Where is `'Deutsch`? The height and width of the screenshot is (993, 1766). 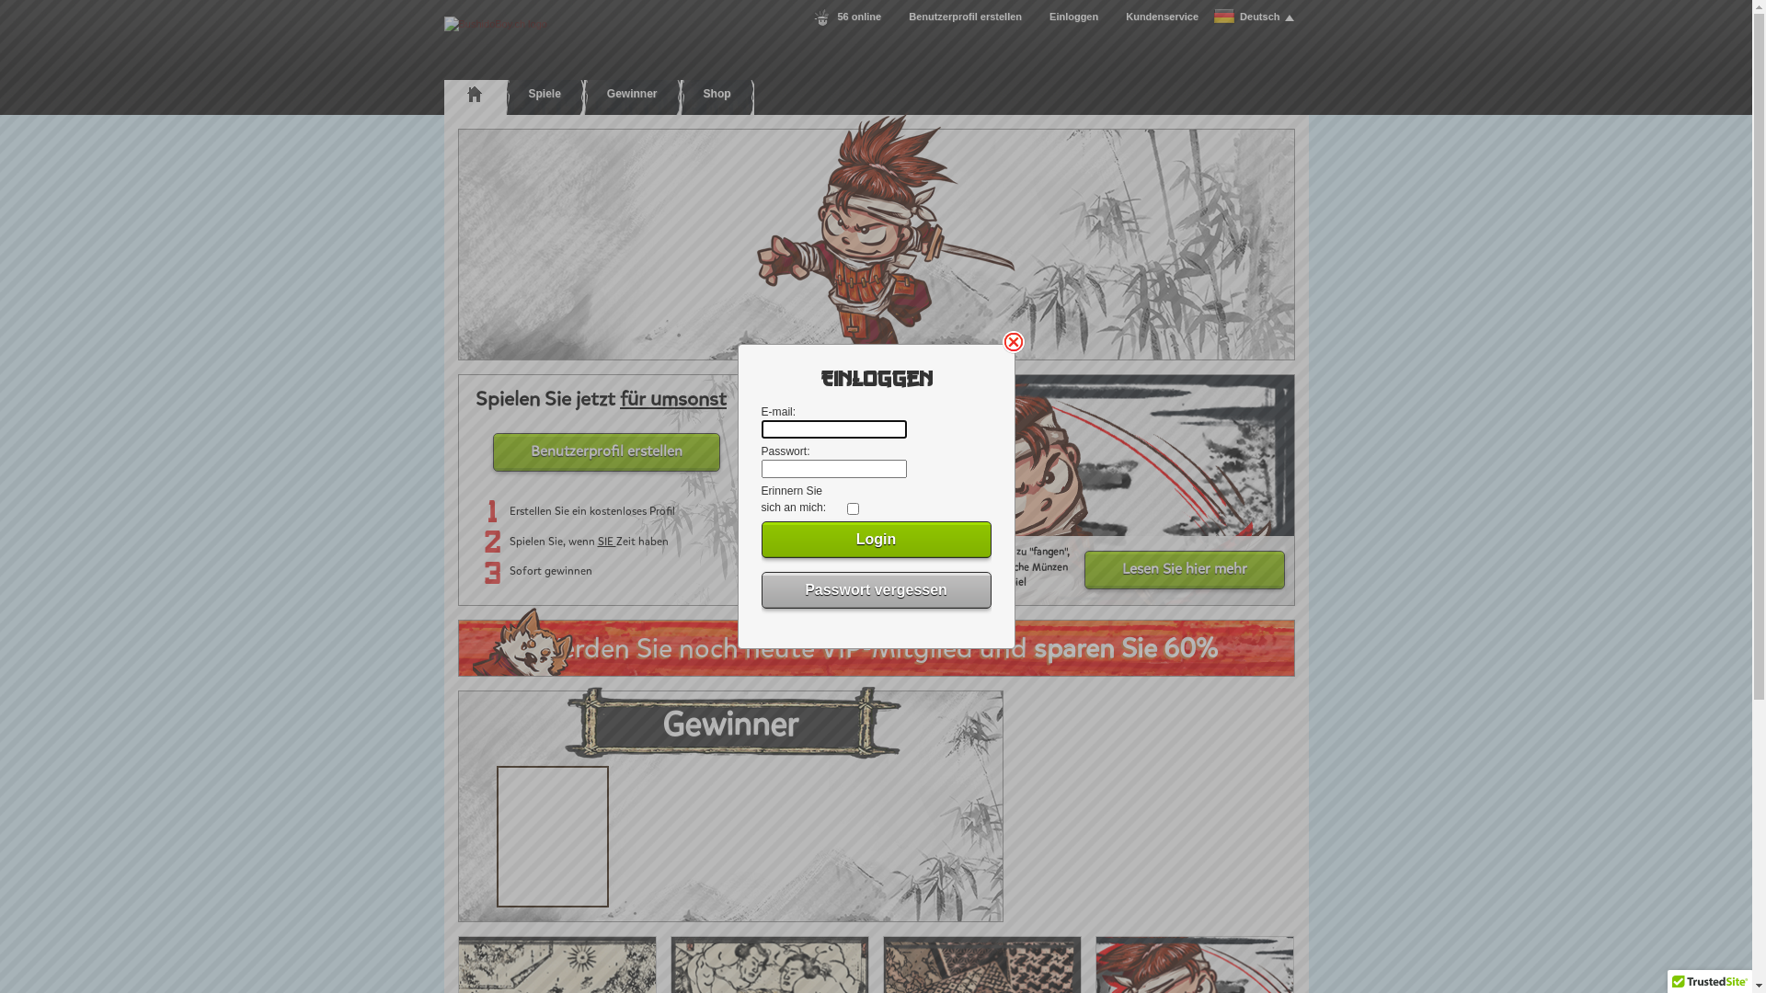
'Deutsch is located at coordinates (1252, 17).